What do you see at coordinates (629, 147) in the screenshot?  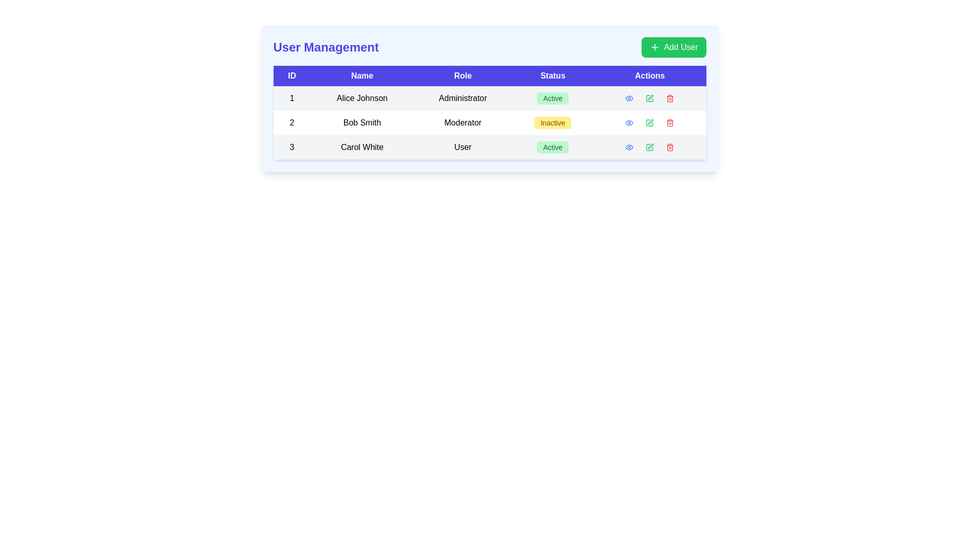 I see `the stylized eye icon button in the 'Actions' column for 'Carol White'` at bounding box center [629, 147].